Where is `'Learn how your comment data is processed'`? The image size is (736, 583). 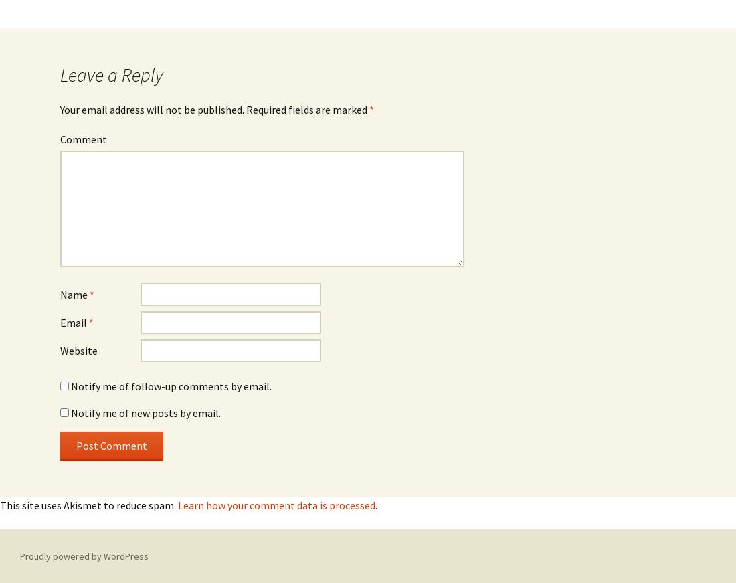
'Learn how your comment data is processed' is located at coordinates (276, 505).